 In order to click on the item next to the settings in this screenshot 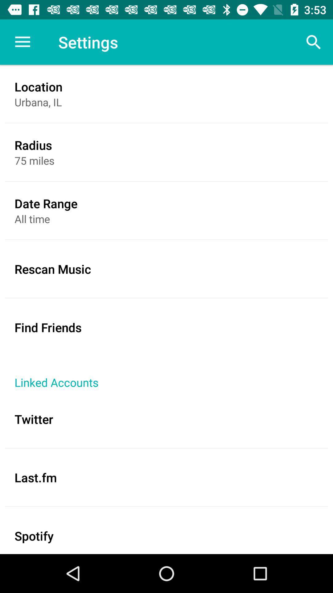, I will do `click(22, 42)`.